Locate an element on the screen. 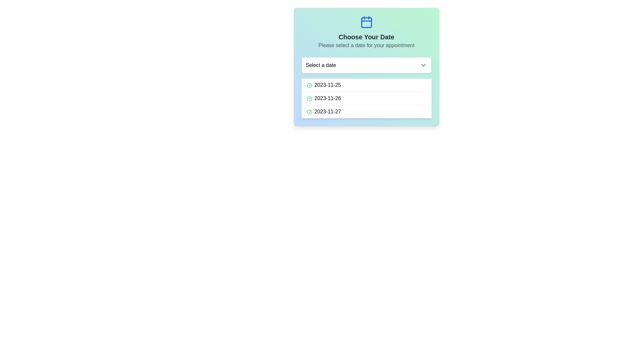 Image resolution: width=624 pixels, height=351 pixels. the green circular icon with a checkmark inside, located in the third row of the dropdown menu aligned to the left of the text '2023-11-27', as a visual indicator is located at coordinates (309, 111).